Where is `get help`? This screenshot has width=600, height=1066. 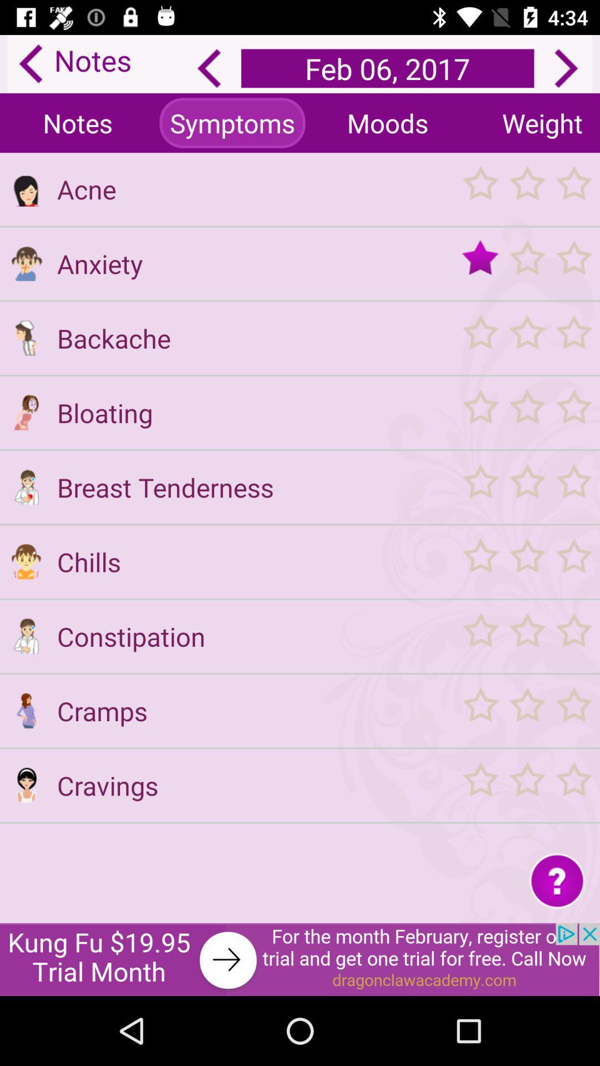
get help is located at coordinates (557, 879).